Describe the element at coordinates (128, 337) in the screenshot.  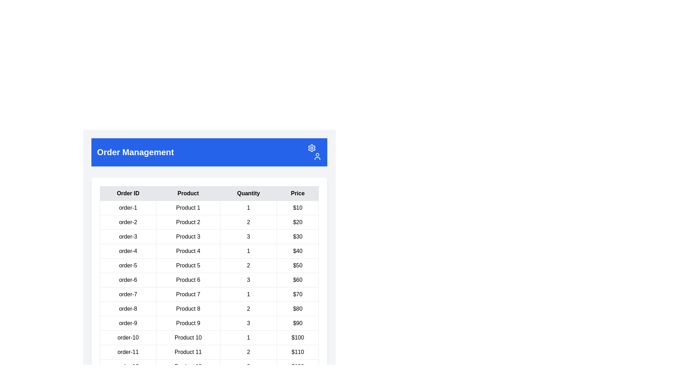
I see `the static text label displaying the order identifier located in the first cell of the 10th row under the 'Order ID' column` at that location.